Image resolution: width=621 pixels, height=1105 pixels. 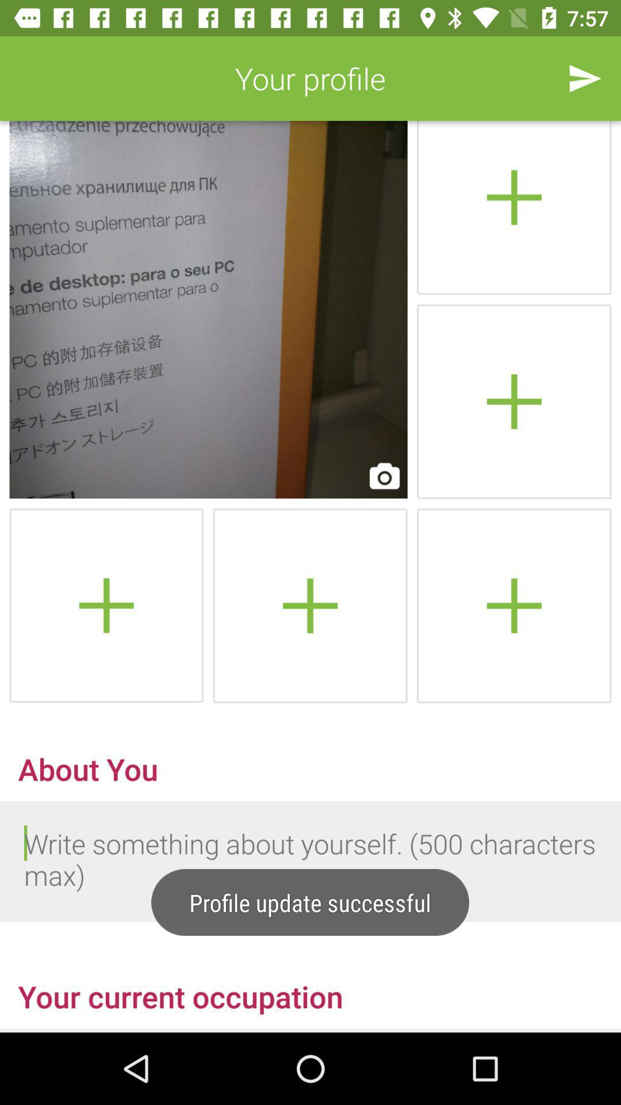 I want to click on profile photo, so click(x=513, y=208).